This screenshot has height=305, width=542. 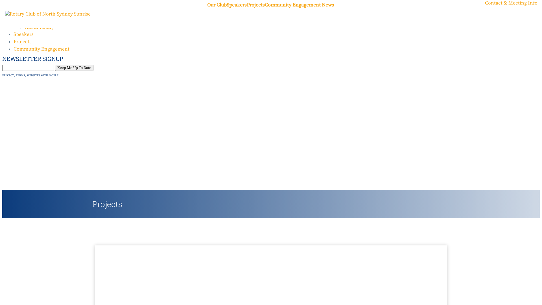 I want to click on 'Our Club', so click(x=217, y=5).